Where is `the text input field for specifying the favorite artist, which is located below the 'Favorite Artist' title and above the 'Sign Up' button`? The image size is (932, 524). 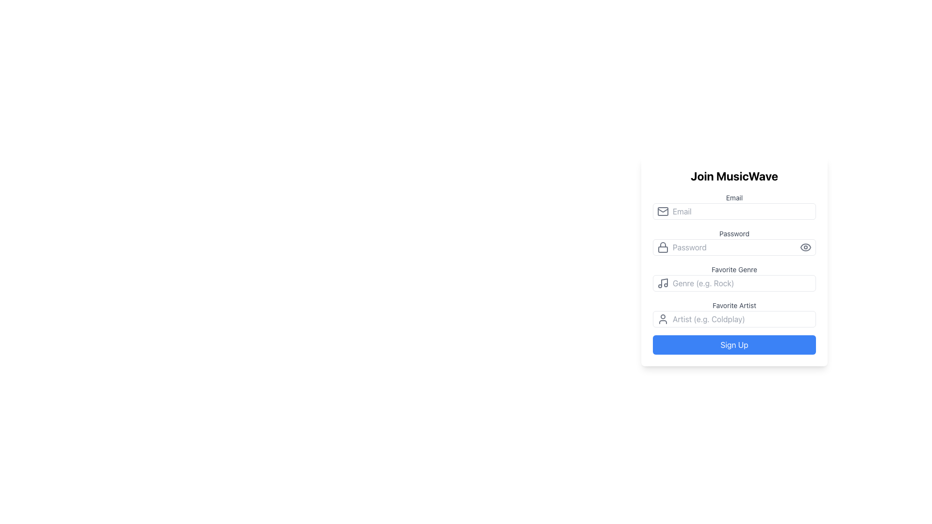 the text input field for specifying the favorite artist, which is located below the 'Favorite Artist' title and above the 'Sign Up' button is located at coordinates (734, 319).